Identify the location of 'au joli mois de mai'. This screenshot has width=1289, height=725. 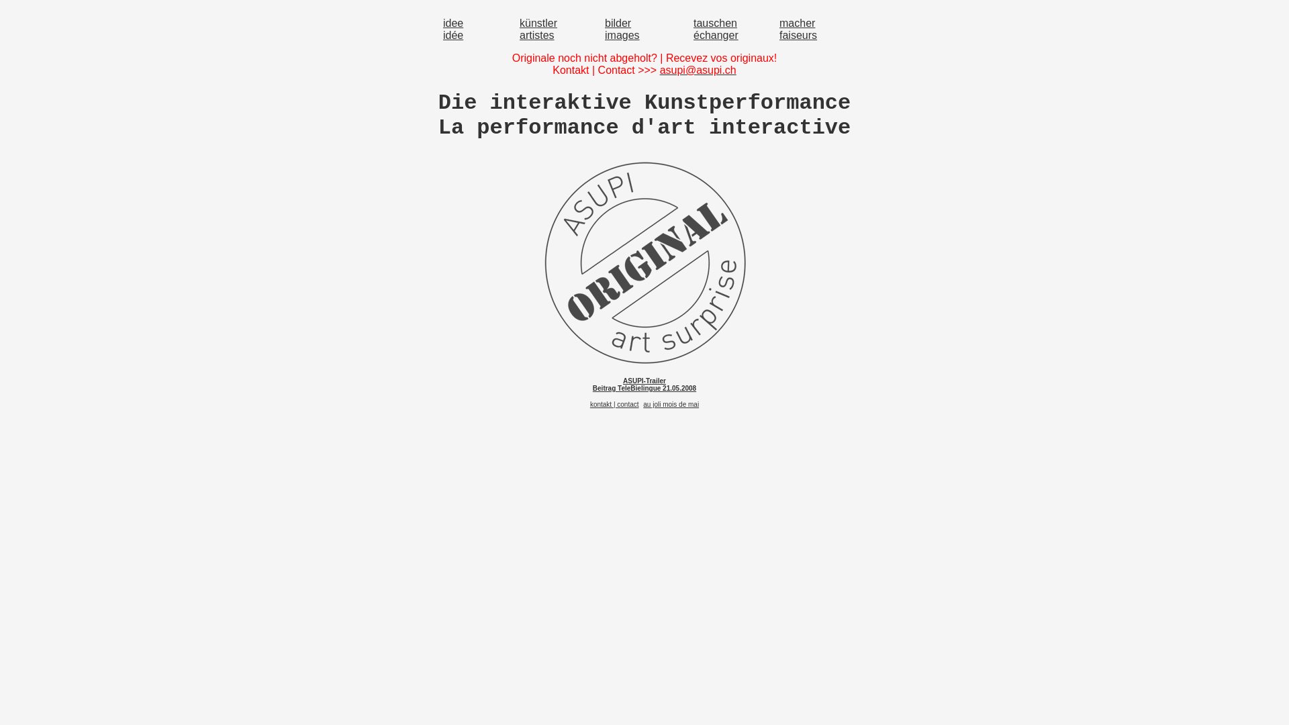
(671, 403).